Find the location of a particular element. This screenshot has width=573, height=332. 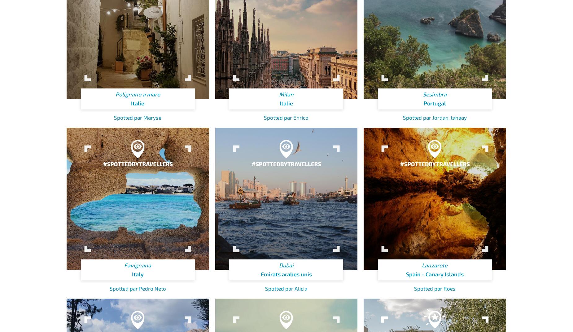

'Polignano a mare' is located at coordinates (137, 94).